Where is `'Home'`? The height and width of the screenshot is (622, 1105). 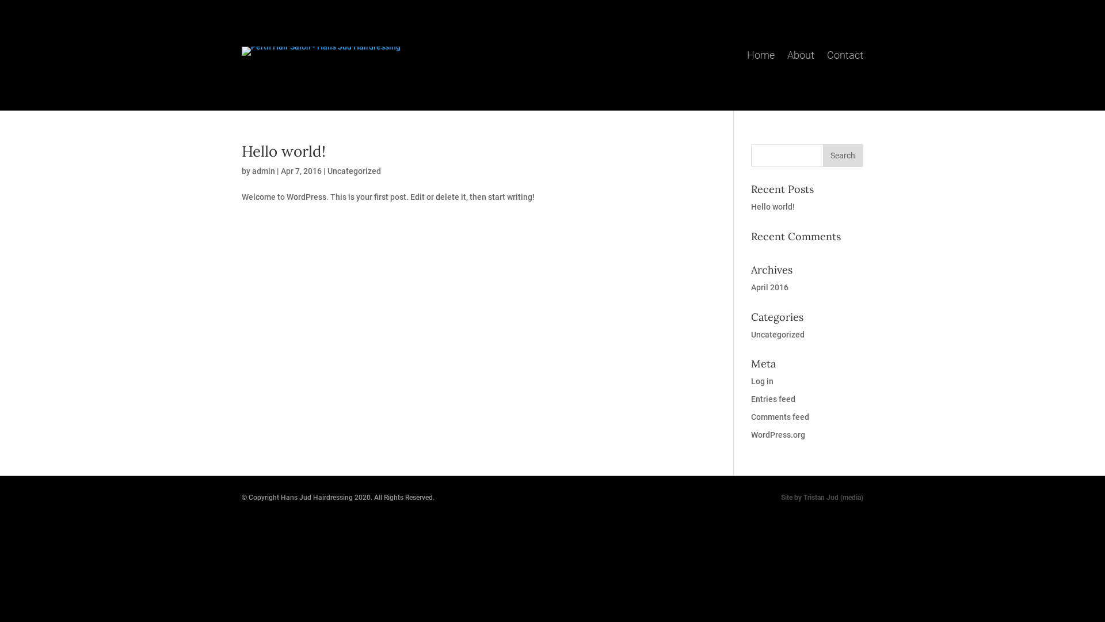
'Home' is located at coordinates (760, 53).